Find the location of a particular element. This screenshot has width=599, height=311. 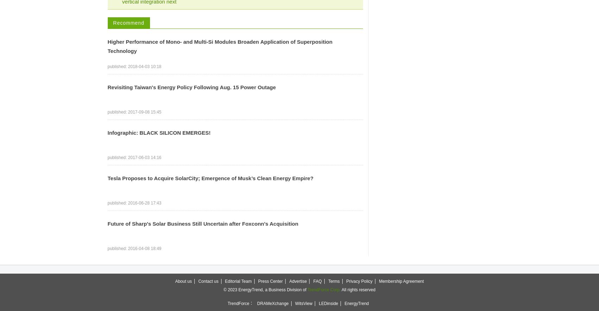

'Terms' is located at coordinates (327, 281).